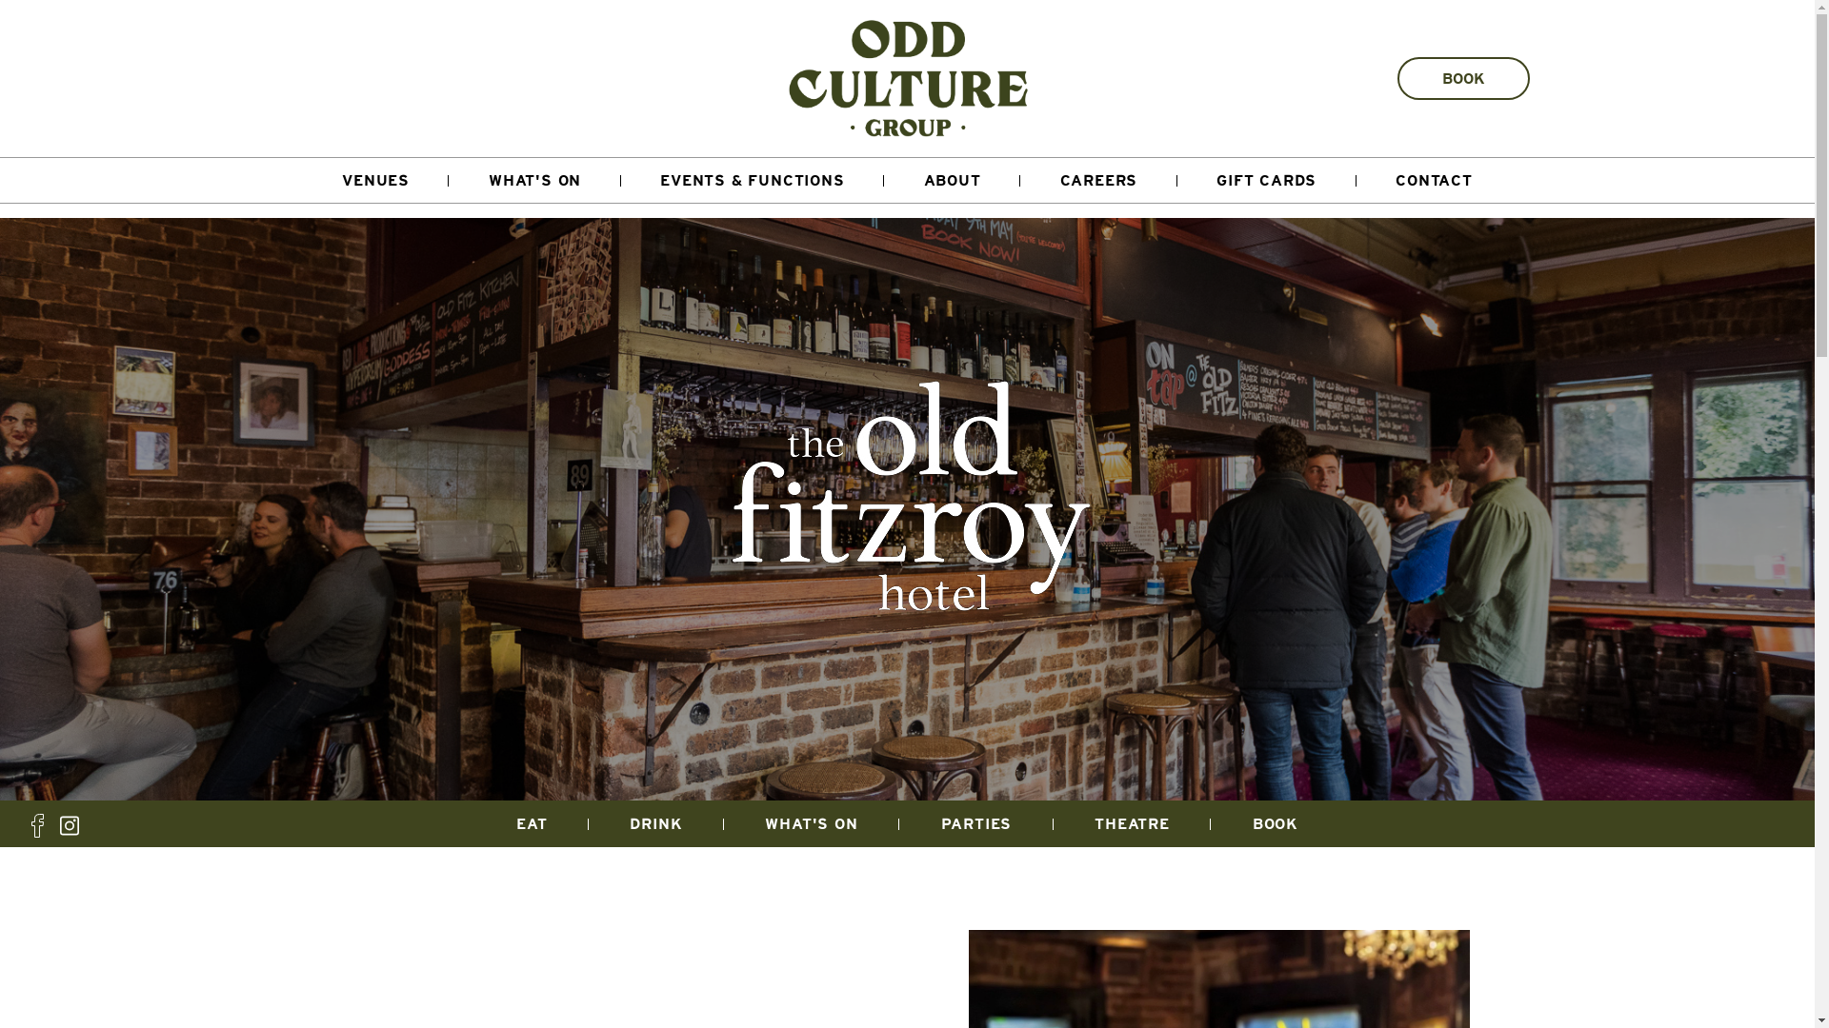 The height and width of the screenshot is (1028, 1829). Describe the element at coordinates (1098, 180) in the screenshot. I see `'CAREERS'` at that location.